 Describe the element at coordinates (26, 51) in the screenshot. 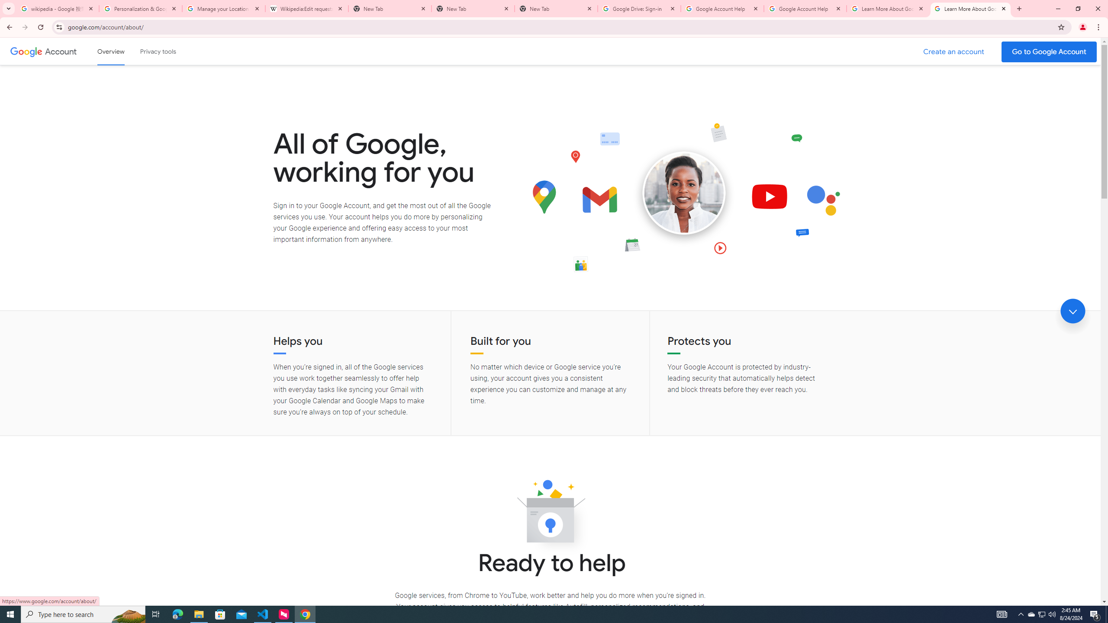

I see `'Google logo'` at that location.